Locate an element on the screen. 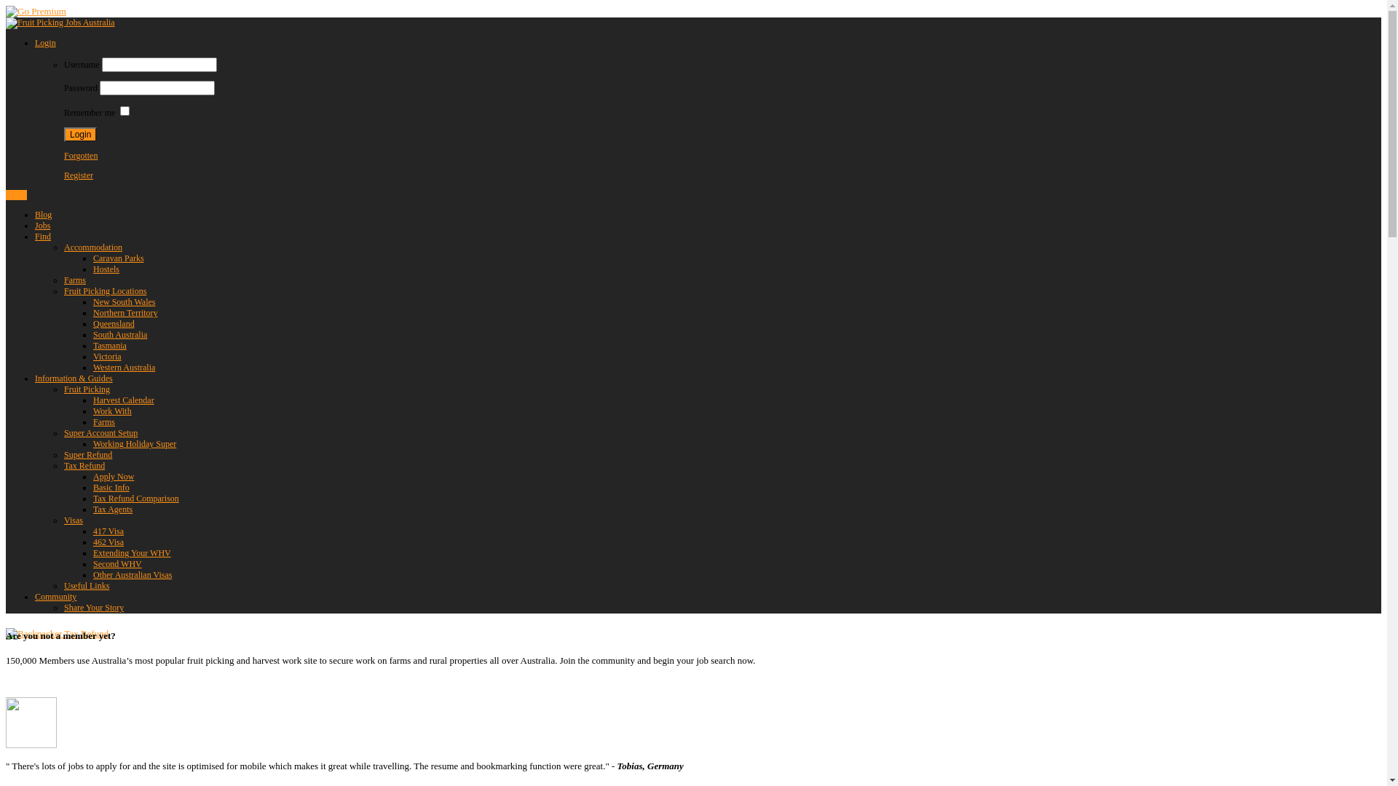 This screenshot has width=1398, height=786. '417 Visa' is located at coordinates (107, 531).